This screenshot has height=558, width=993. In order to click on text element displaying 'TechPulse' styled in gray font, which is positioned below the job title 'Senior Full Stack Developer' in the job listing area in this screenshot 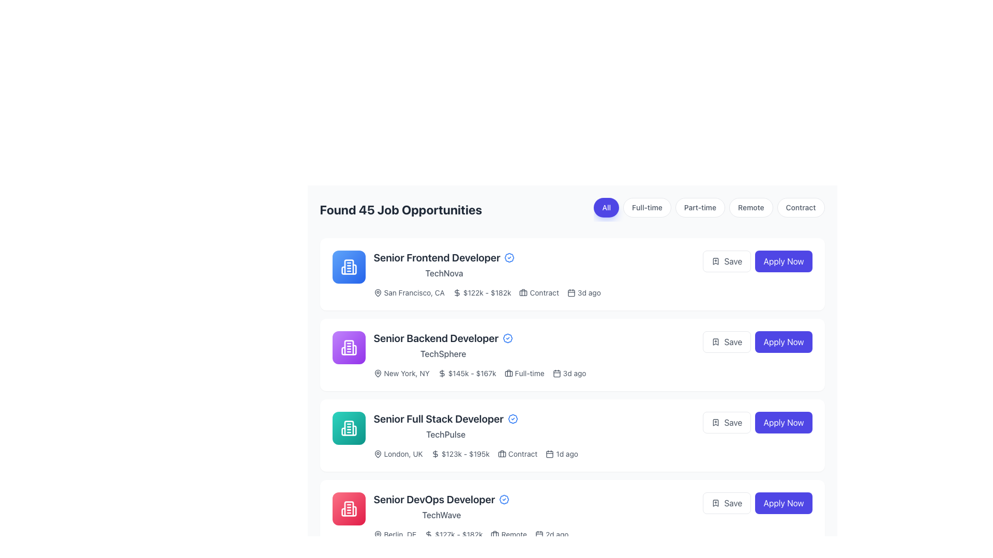, I will do `click(446, 434)`.